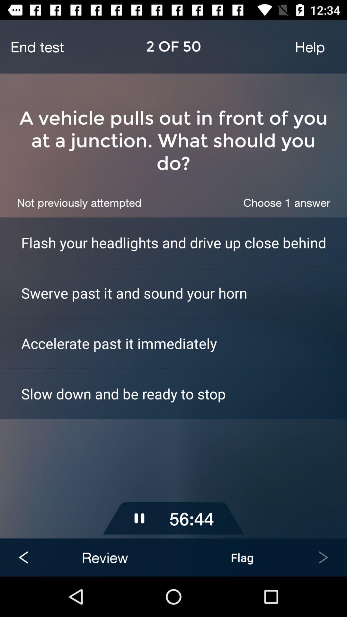 This screenshot has width=347, height=617. Describe the element at coordinates (104, 557) in the screenshot. I see `the icon next to flag item` at that location.